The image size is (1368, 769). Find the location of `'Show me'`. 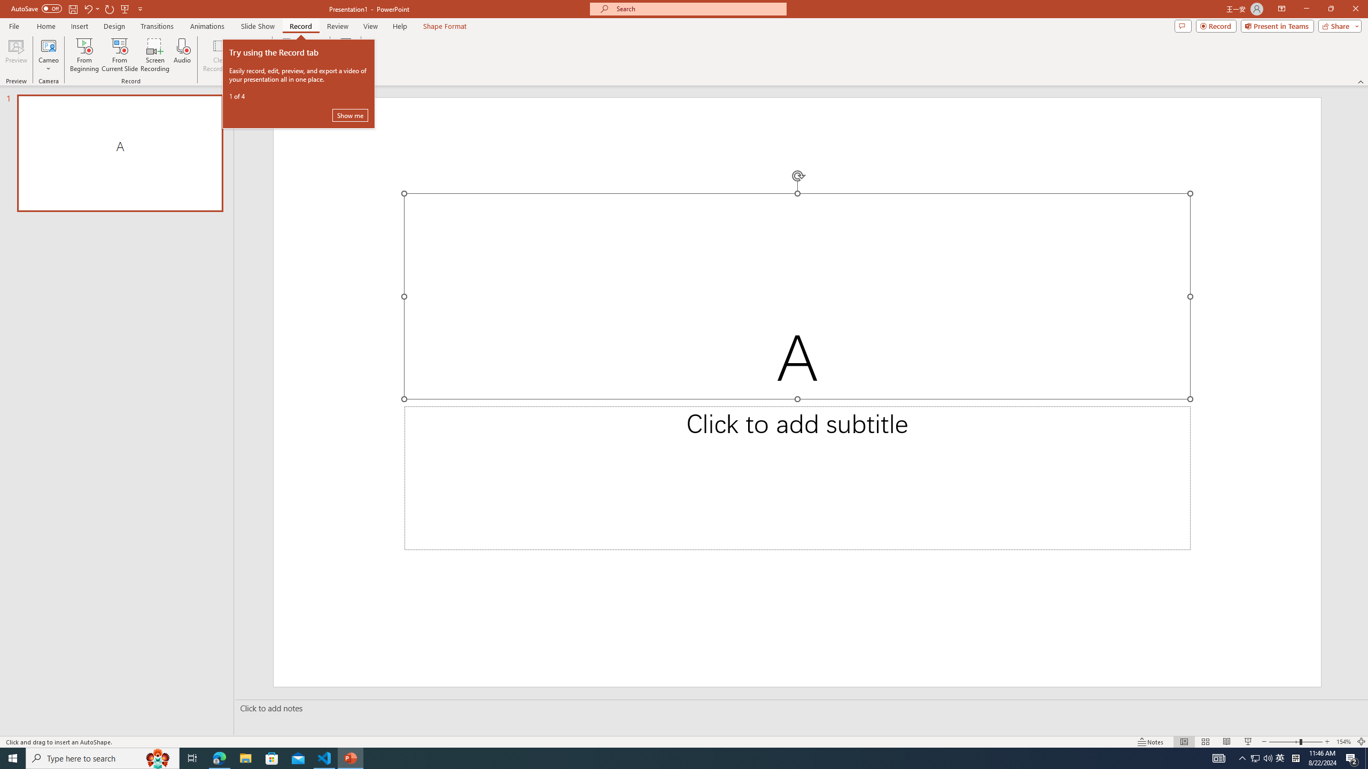

'Show me' is located at coordinates (350, 115).